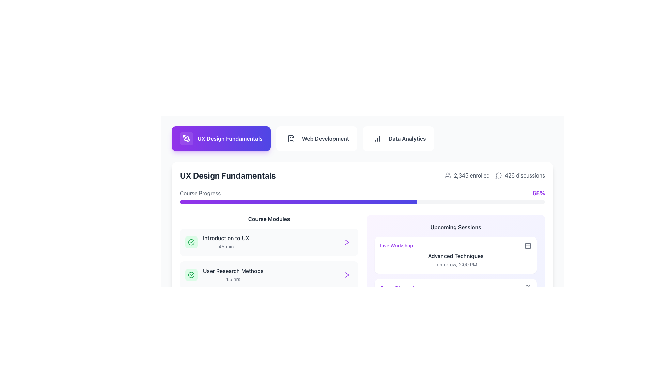 This screenshot has height=368, width=654. Describe the element at coordinates (448, 175) in the screenshot. I see `the icon located to the immediate left of the text '2,345 enrolled' in the top-right corner of the 'UX Design Fundamentals' section` at that location.